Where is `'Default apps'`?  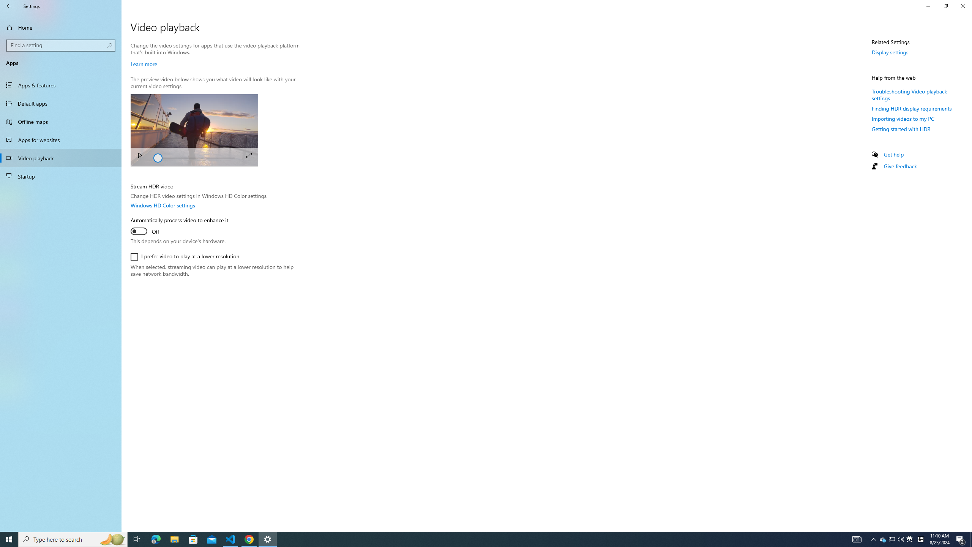
'Default apps' is located at coordinates (60, 103).